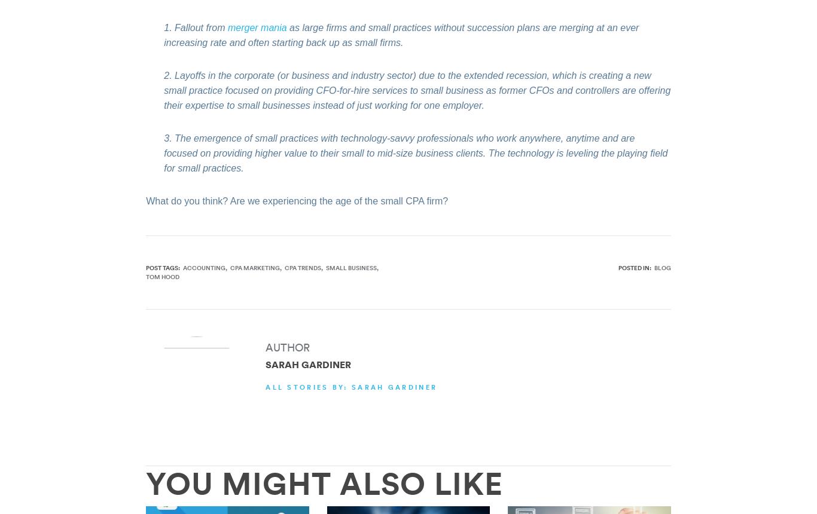  What do you see at coordinates (416, 152) in the screenshot?
I see `'3. The emergence of small practices with technology-savvy professionals who work anywhere, anytime and are focused on providing higher value to their small to mid-size business clients. The technology is leveling the playing field for small practices.'` at bounding box center [416, 152].